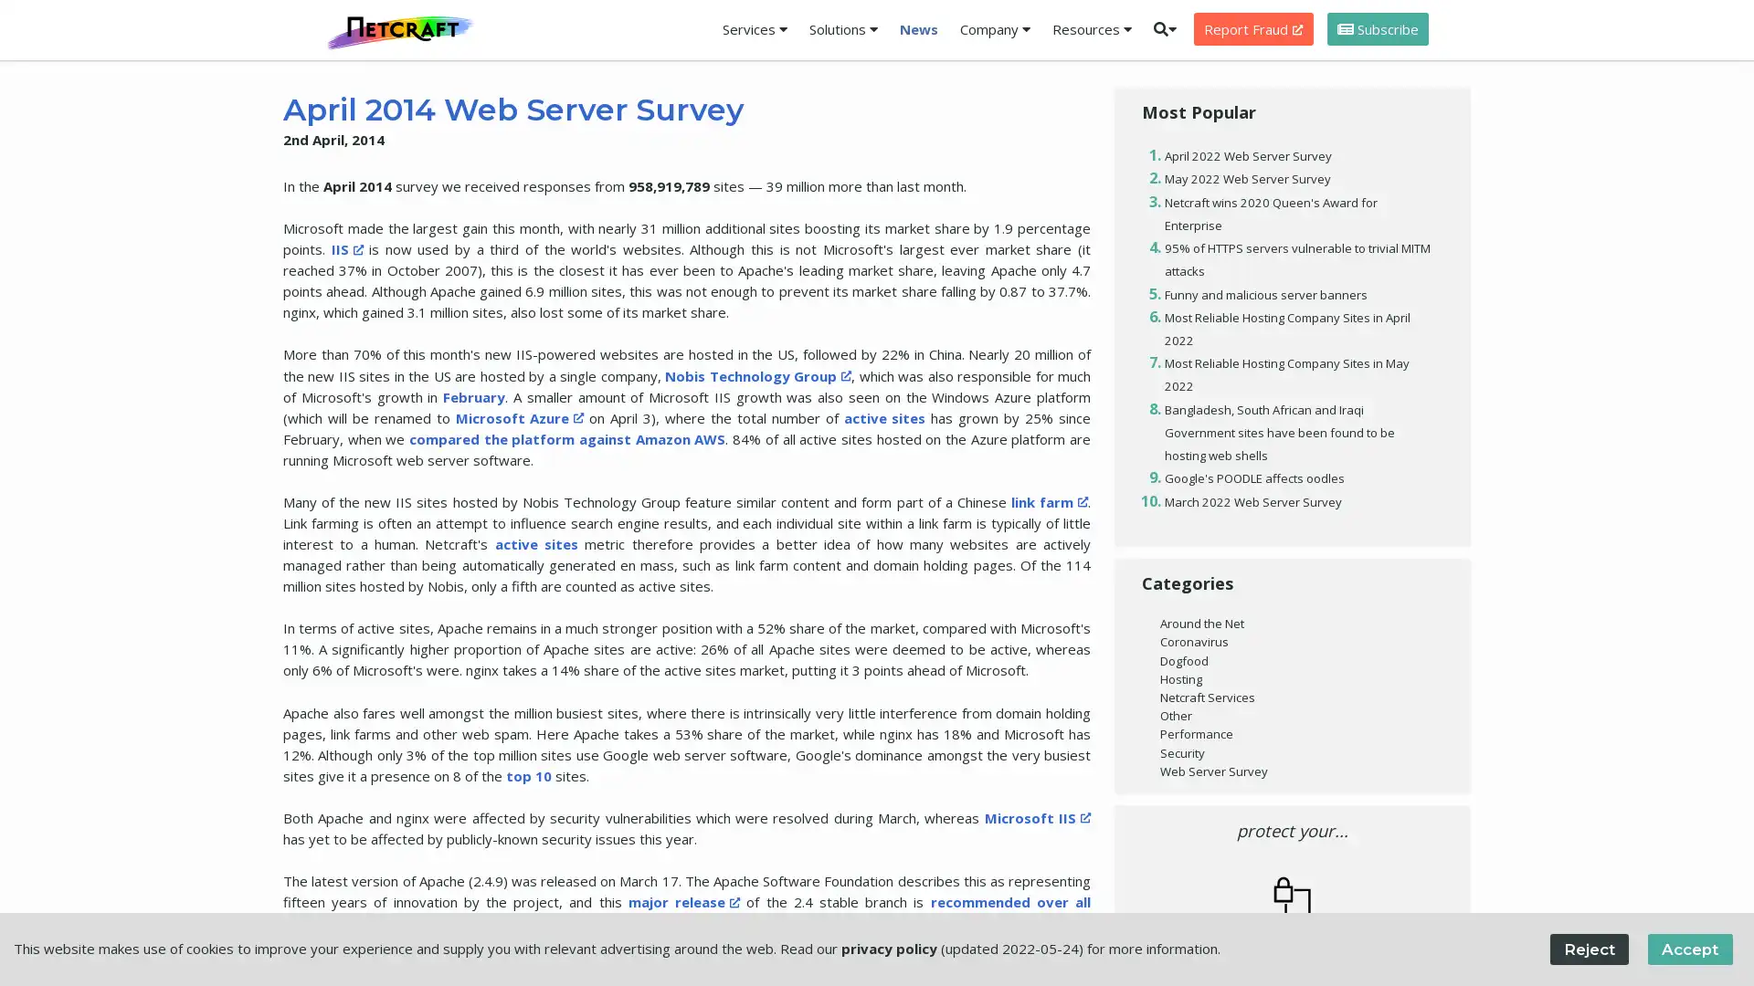  What do you see at coordinates (1688, 948) in the screenshot?
I see `Accept` at bounding box center [1688, 948].